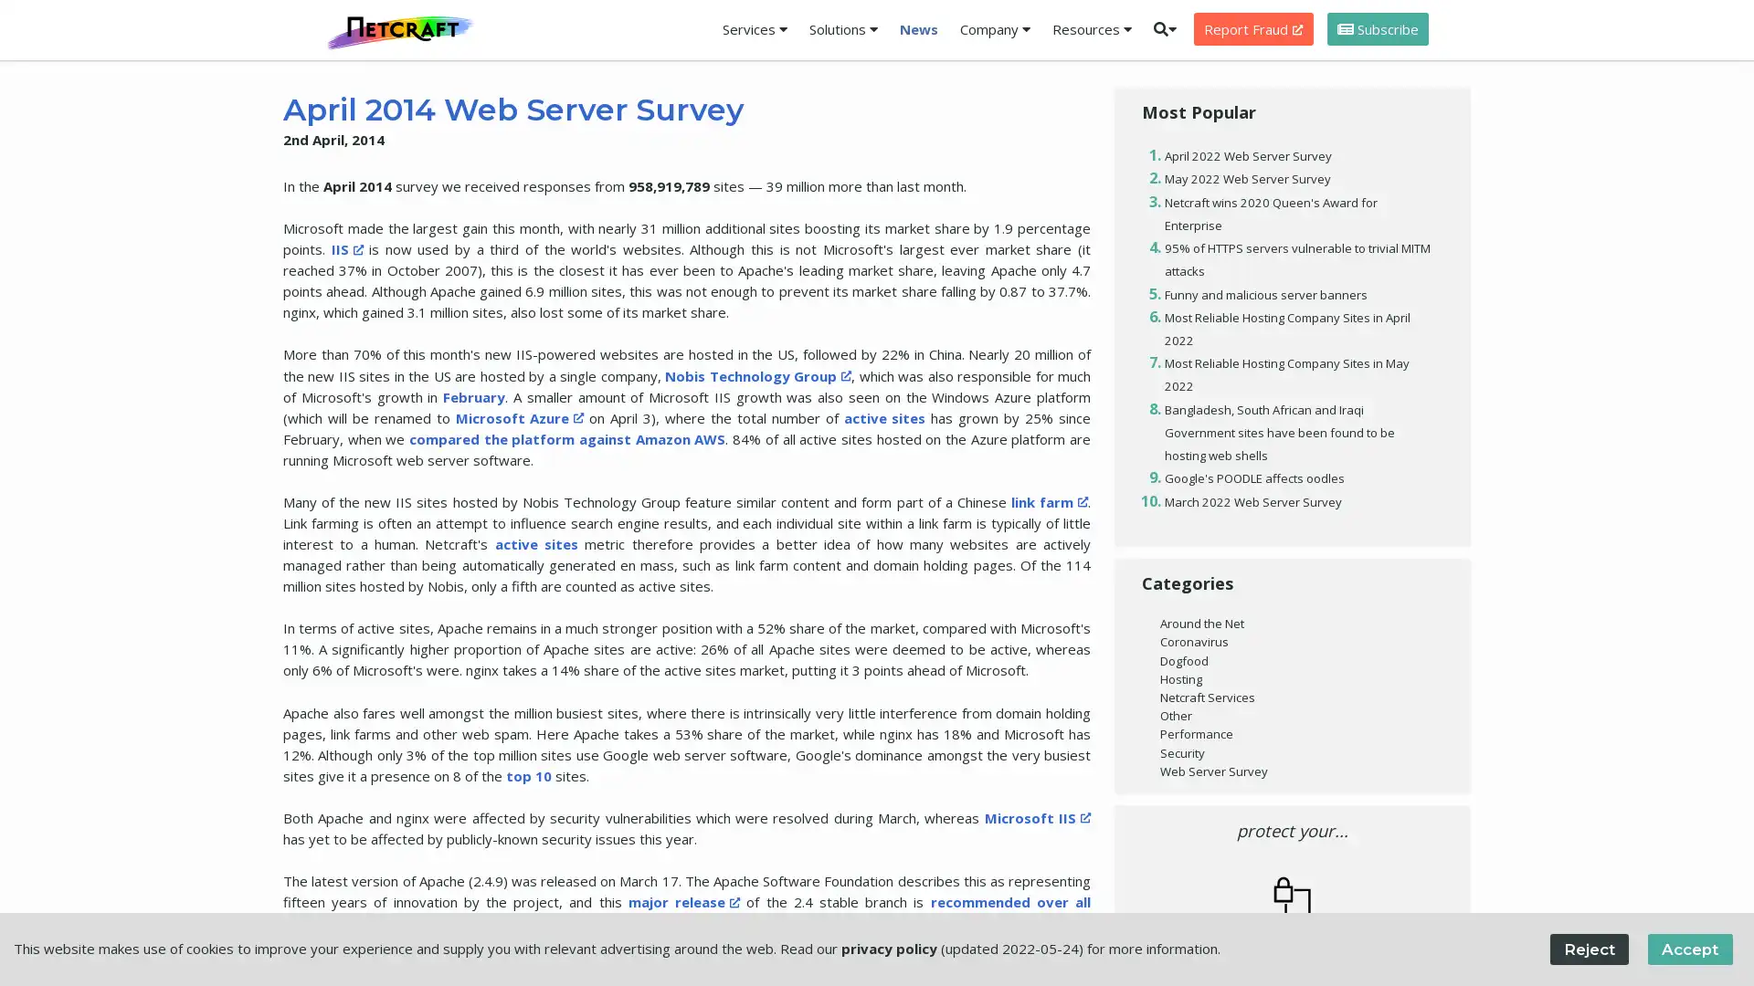  What do you see at coordinates (1688, 948) in the screenshot?
I see `Accept` at bounding box center [1688, 948].